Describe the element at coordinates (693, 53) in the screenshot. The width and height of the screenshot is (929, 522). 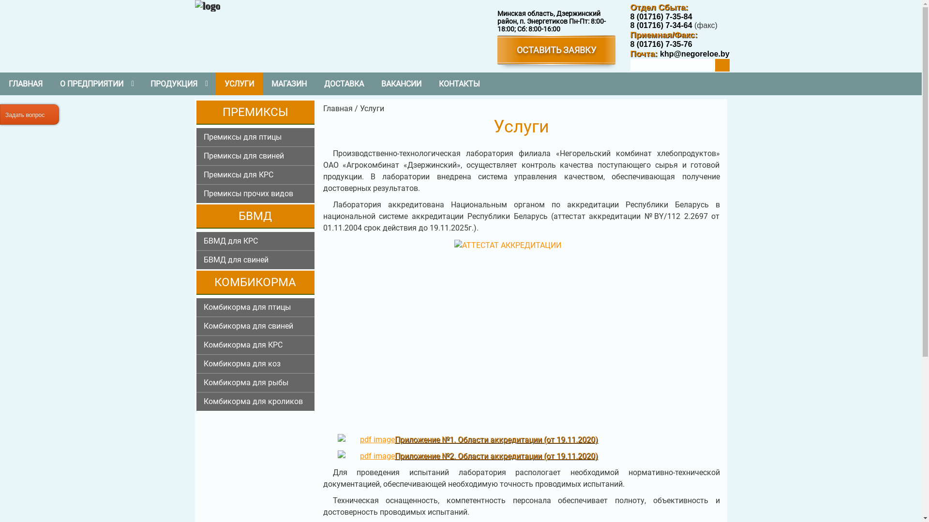
I see `'khp@negoreloe.by'` at that location.